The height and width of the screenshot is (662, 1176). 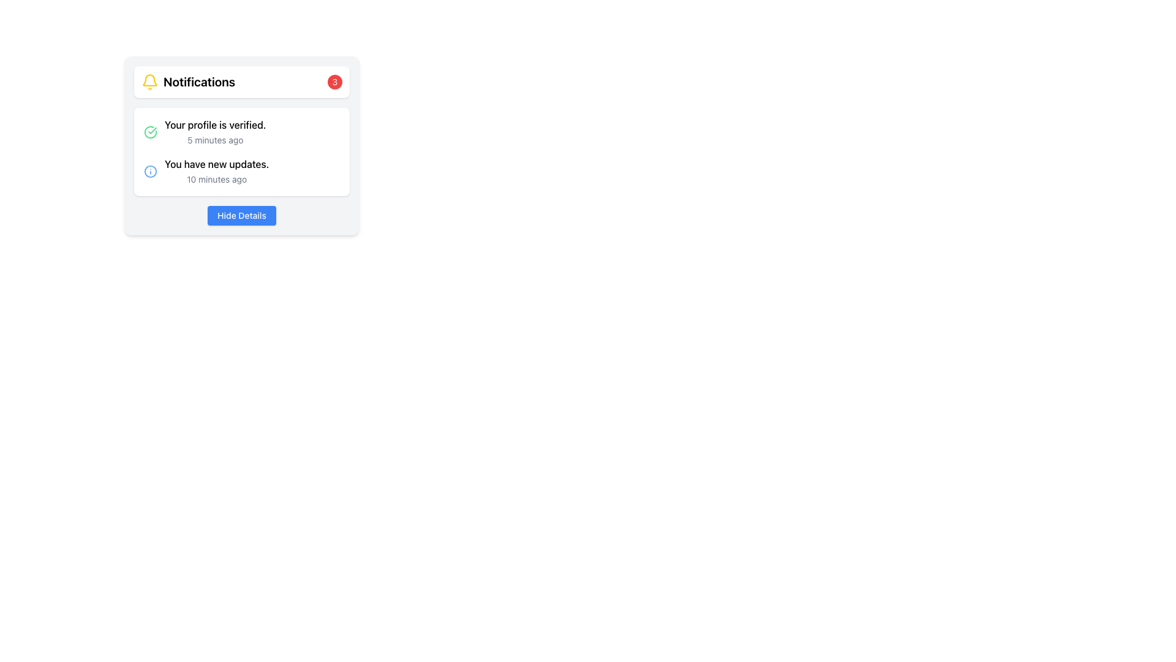 What do you see at coordinates (149, 80) in the screenshot?
I see `the yellow outlined bell icon located at the top left corner of the notification box, near the 'Notifications' heading` at bounding box center [149, 80].